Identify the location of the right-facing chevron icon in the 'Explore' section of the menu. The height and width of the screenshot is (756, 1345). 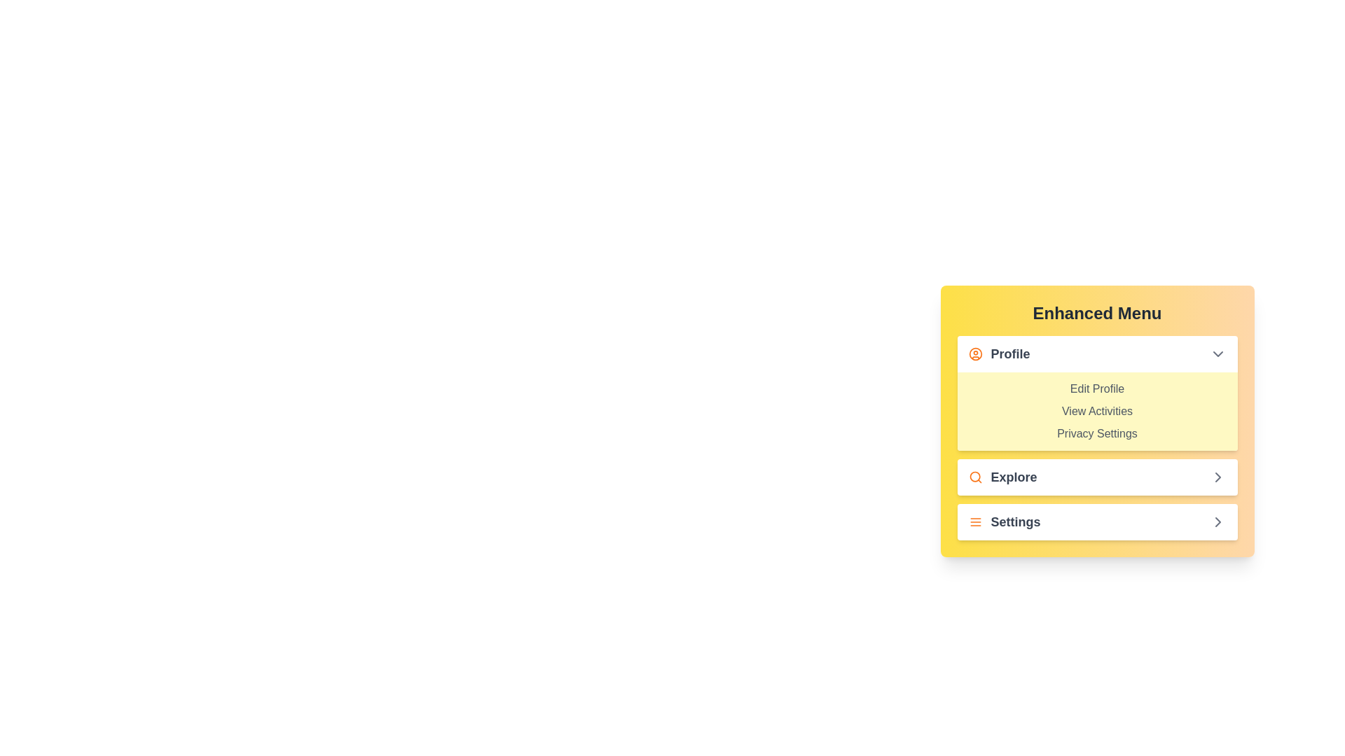
(1217, 521).